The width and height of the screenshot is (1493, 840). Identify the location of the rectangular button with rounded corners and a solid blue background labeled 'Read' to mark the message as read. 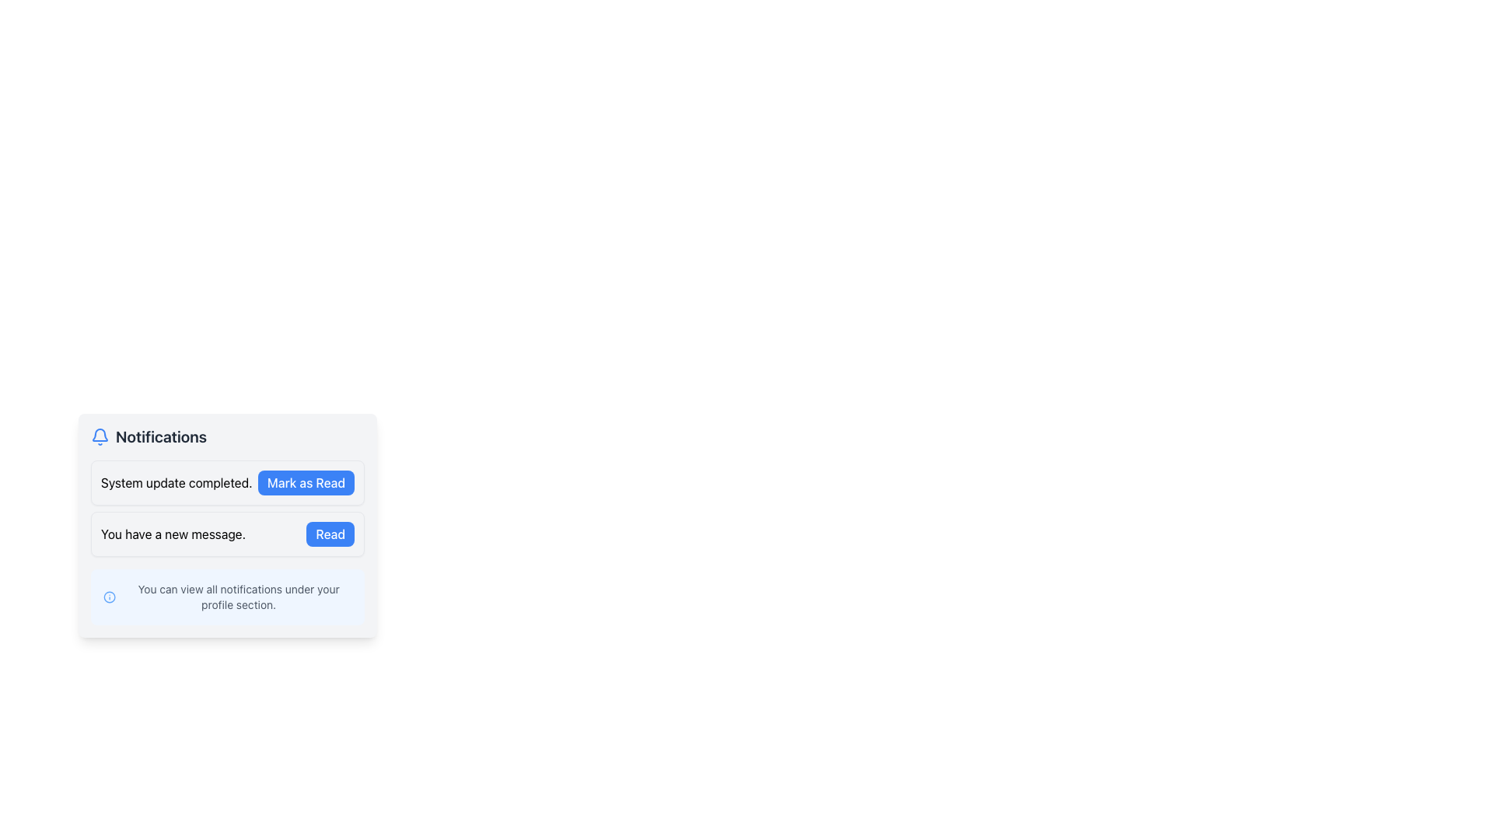
(330, 533).